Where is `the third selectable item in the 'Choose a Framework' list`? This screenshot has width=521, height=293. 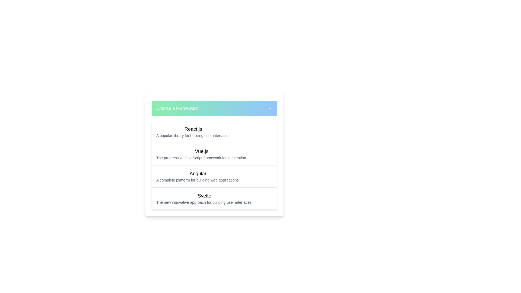 the third selectable item in the 'Choose a Framework' list is located at coordinates (198, 176).